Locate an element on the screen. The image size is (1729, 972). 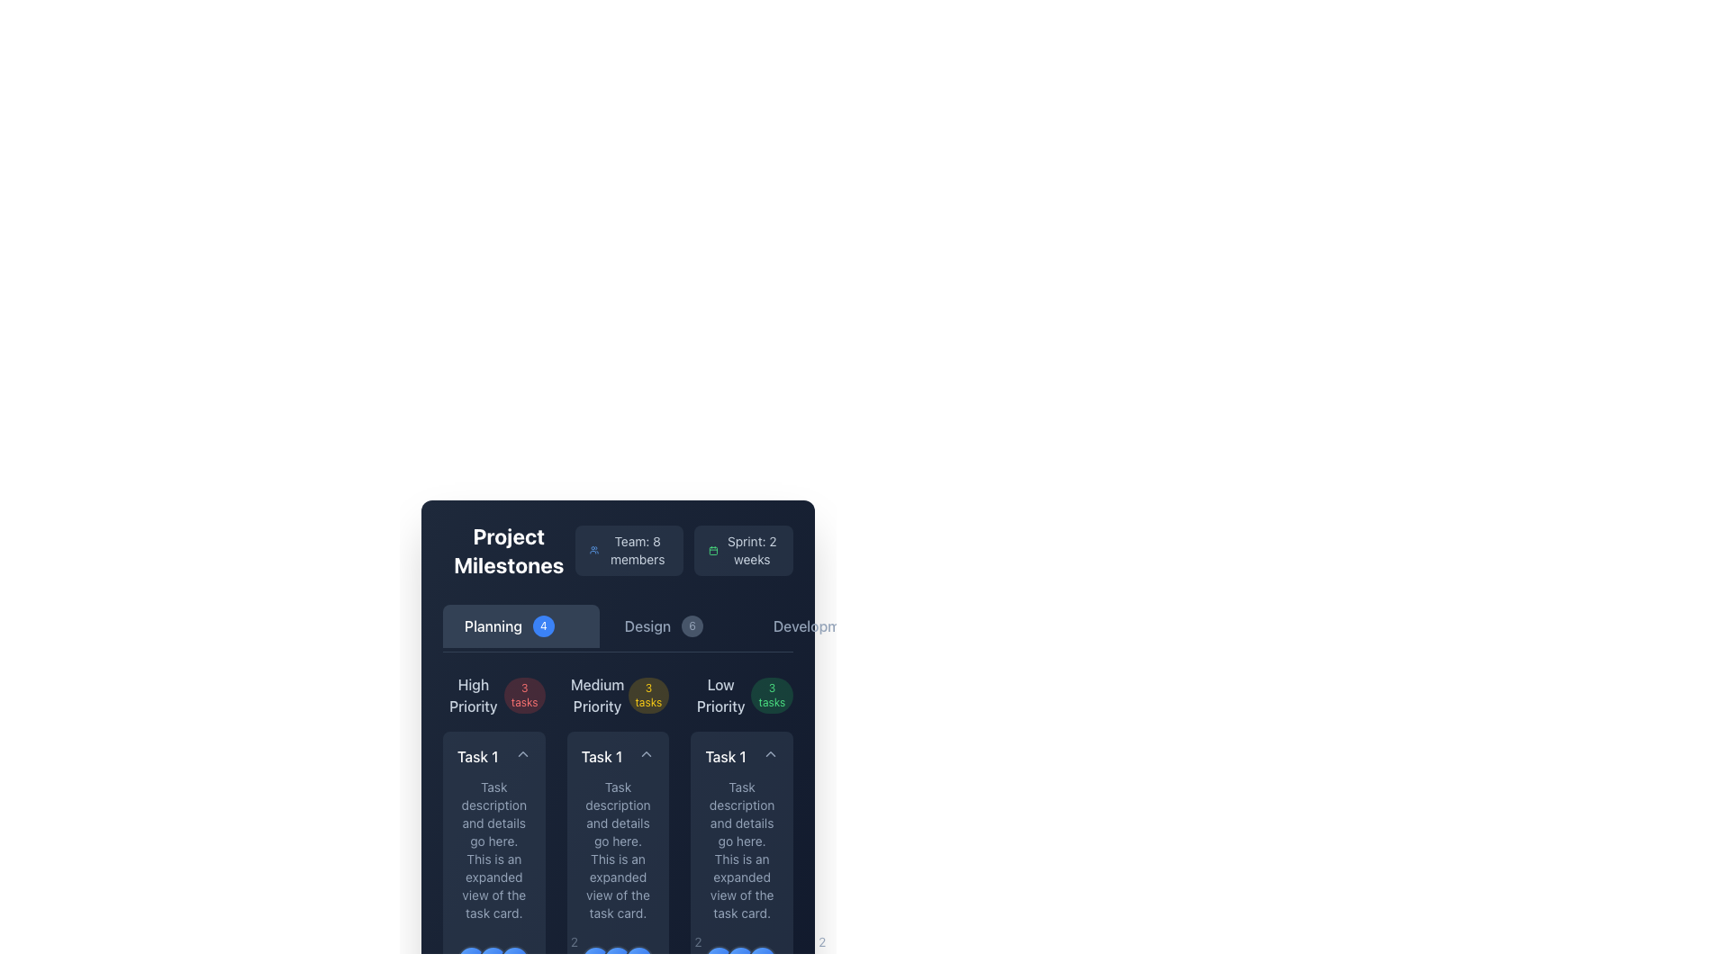
the text label displaying the word 'Development', which is styled with a medium font weight in a sans-serif typeface and positioned at the leftmost position within a row of grouped items on a dark background panel is located at coordinates (816, 625).